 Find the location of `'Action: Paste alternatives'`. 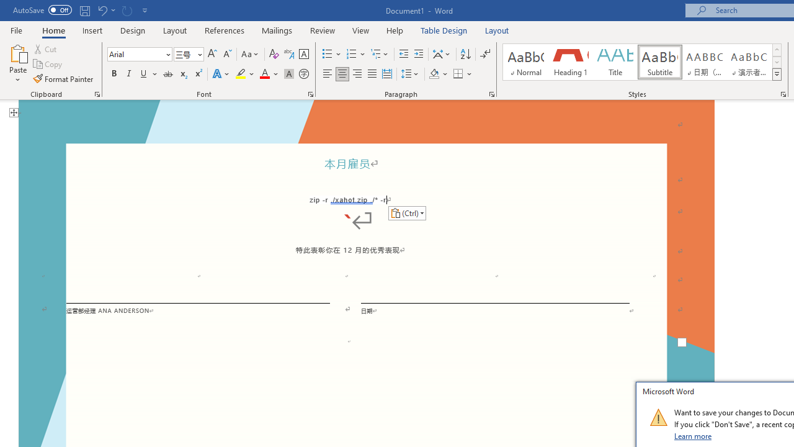

'Action: Paste alternatives' is located at coordinates (407, 212).